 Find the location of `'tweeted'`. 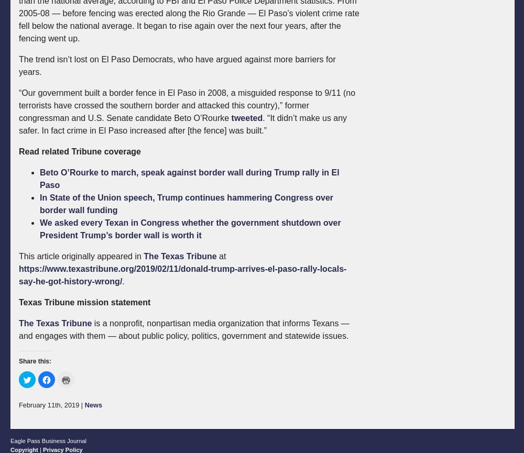

'tweeted' is located at coordinates (246, 117).